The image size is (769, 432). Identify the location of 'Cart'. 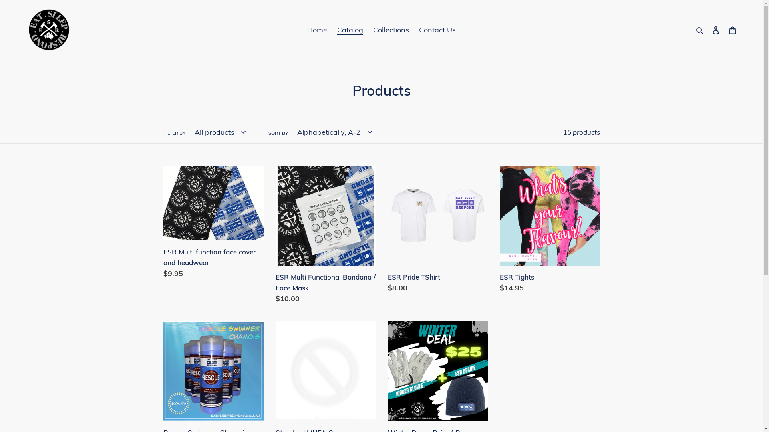
(732, 29).